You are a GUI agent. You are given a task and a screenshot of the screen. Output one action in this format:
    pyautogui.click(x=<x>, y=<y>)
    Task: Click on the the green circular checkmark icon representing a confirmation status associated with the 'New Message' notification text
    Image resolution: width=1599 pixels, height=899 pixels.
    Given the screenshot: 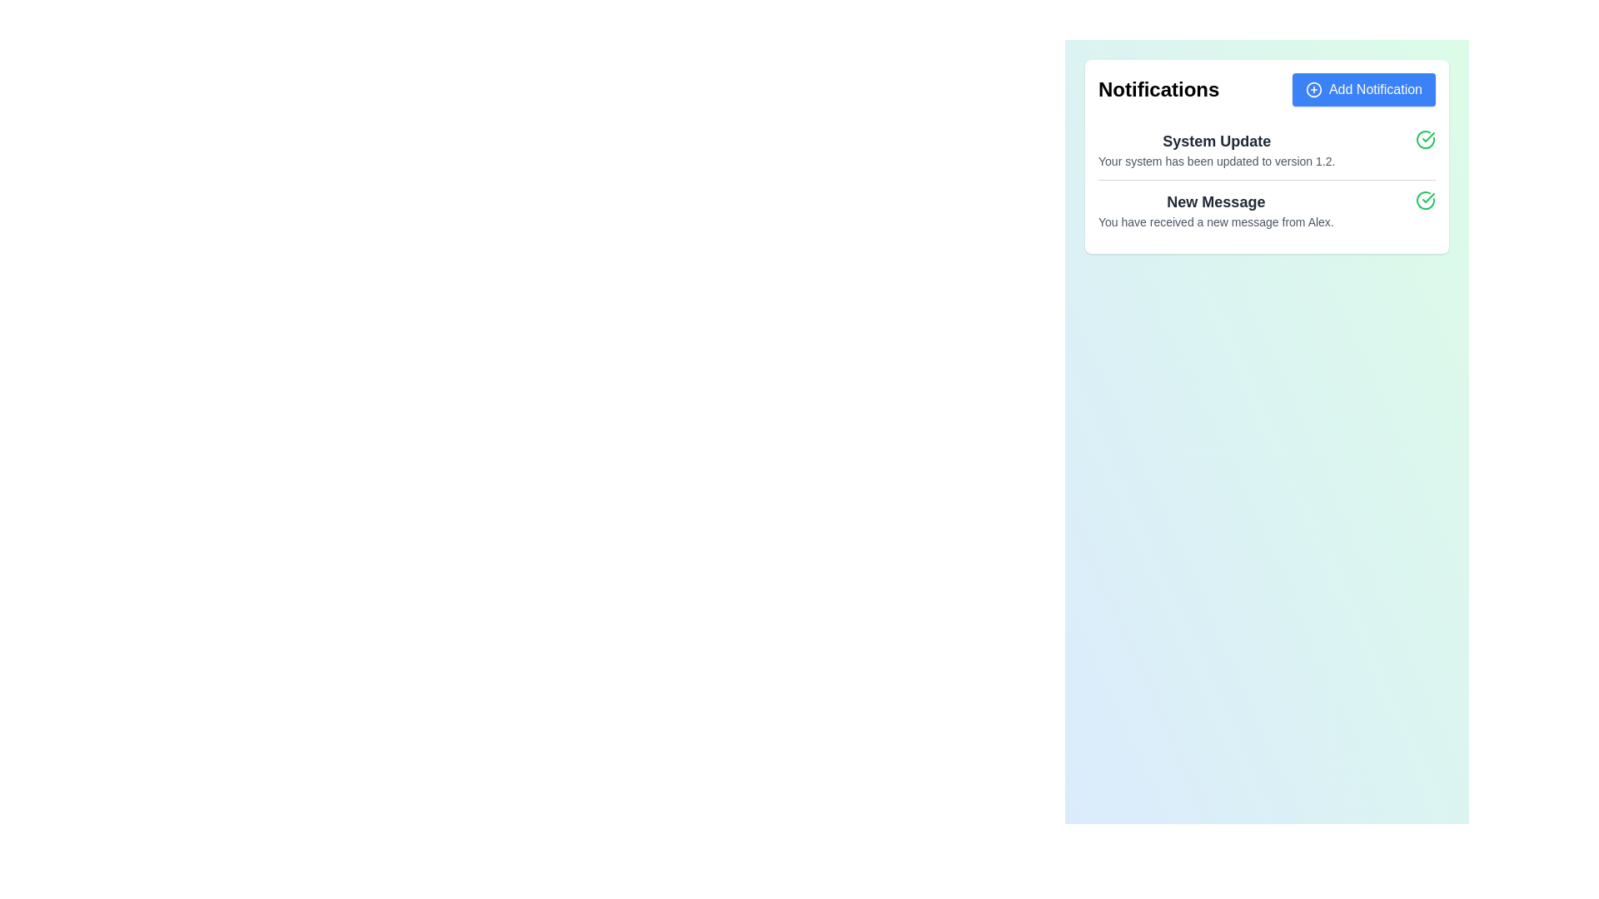 What is the action you would take?
    pyautogui.click(x=1427, y=137)
    